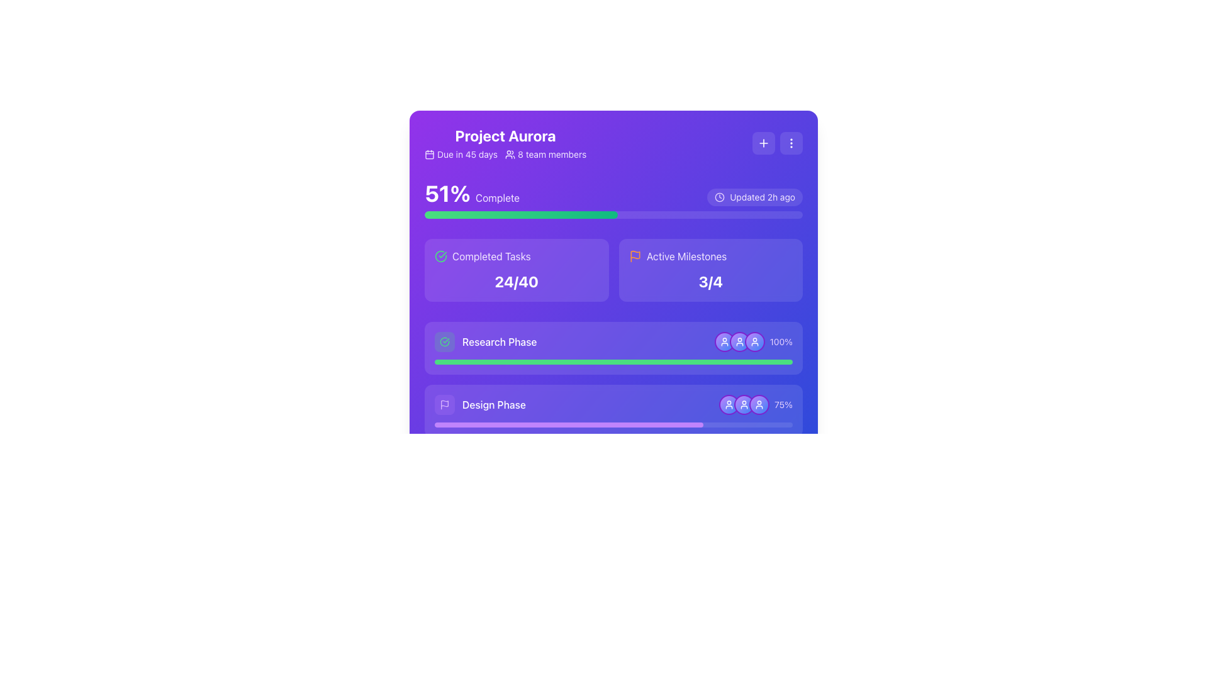  Describe the element at coordinates (517, 280) in the screenshot. I see `displayed information from the Text display that shows the progress of completed tasks versus total tasks, located beneath the 'Completed Tasks' title` at that location.